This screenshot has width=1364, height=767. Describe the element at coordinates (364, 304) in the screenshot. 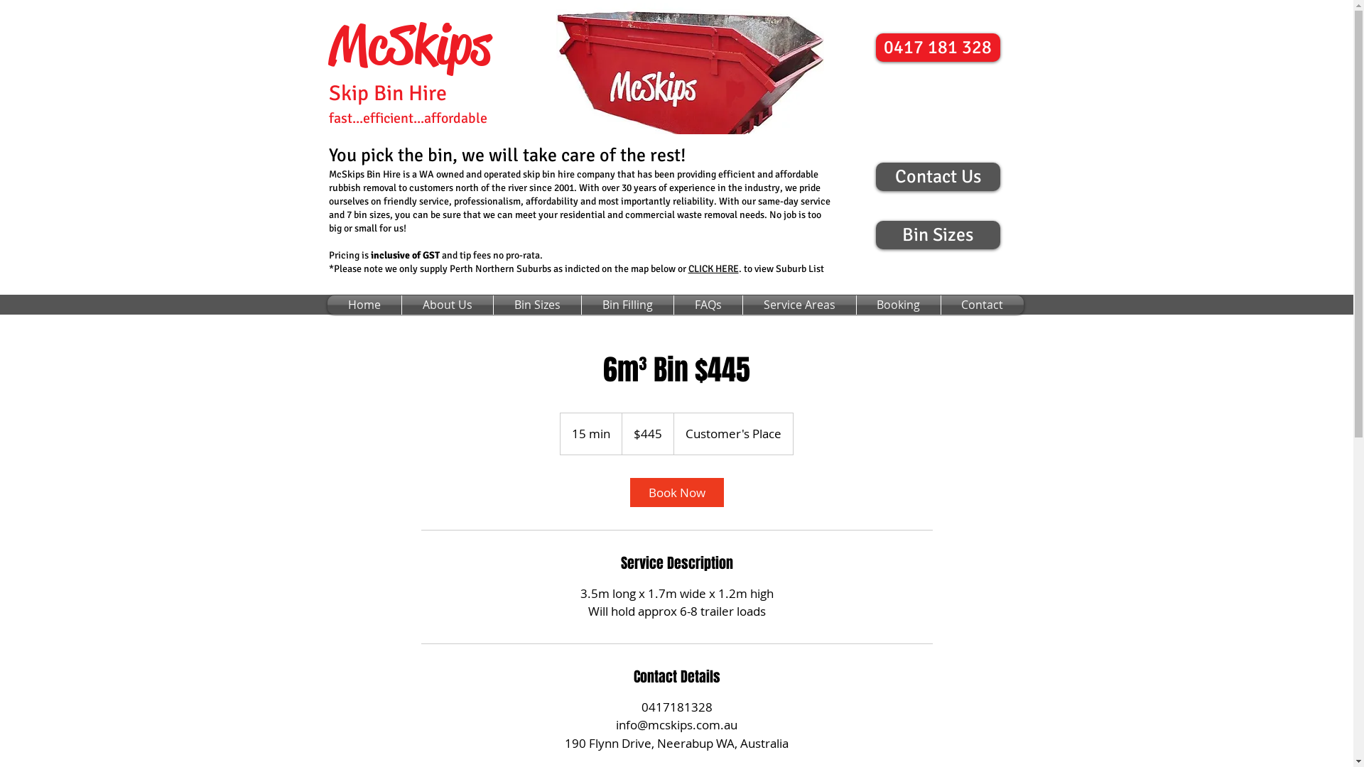

I see `'Home'` at that location.